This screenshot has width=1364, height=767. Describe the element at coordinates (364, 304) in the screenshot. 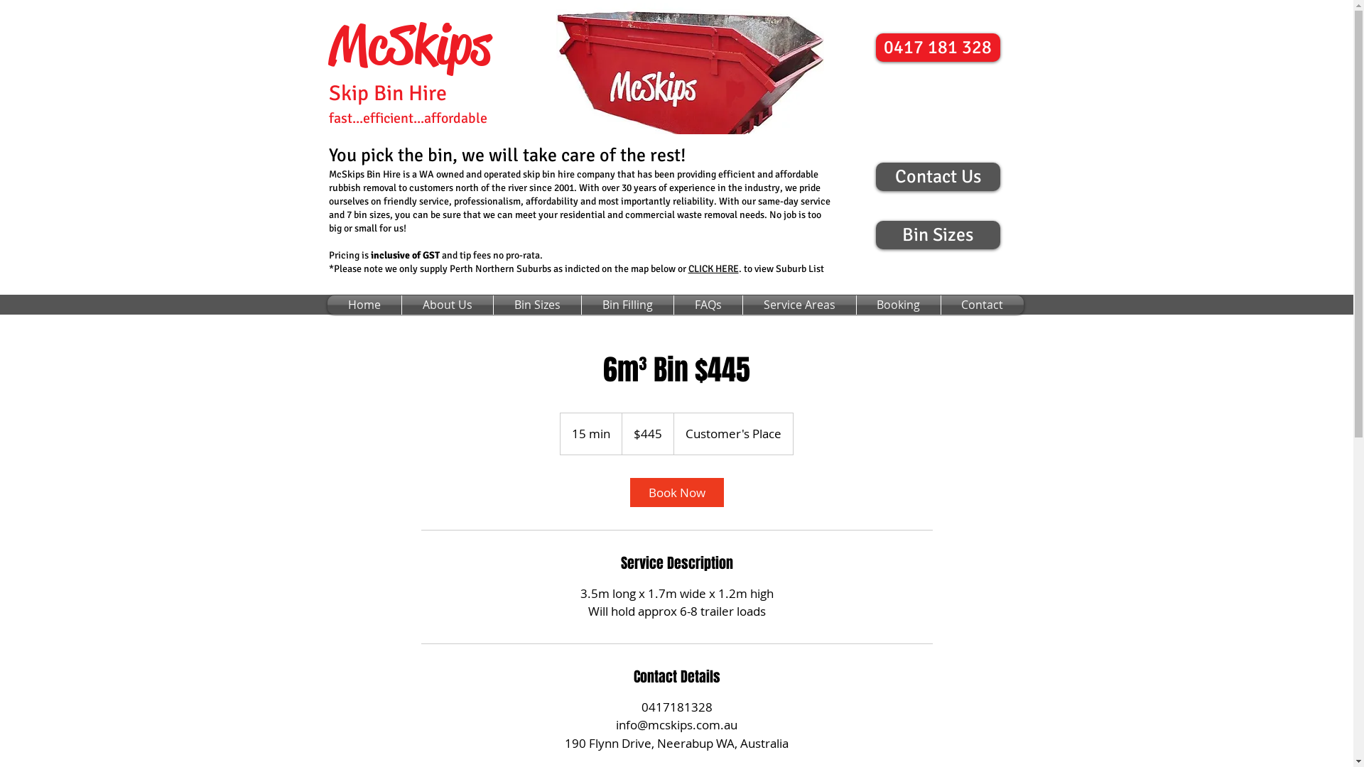

I see `'Home'` at that location.